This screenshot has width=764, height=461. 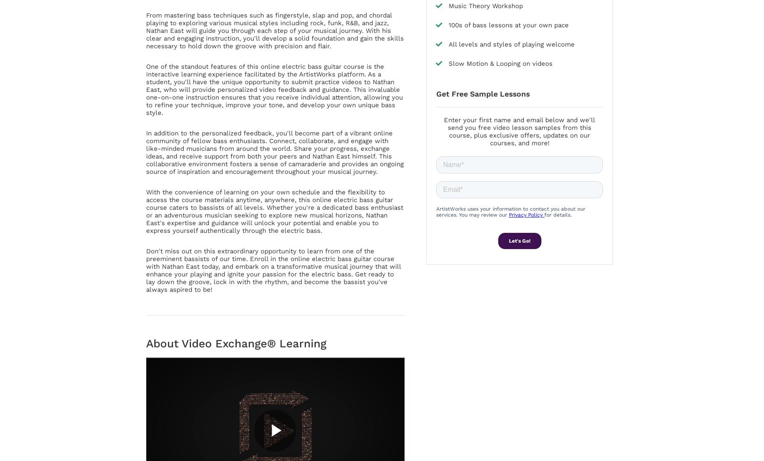 I want to click on 'Music Theory Workshop', so click(x=485, y=6).